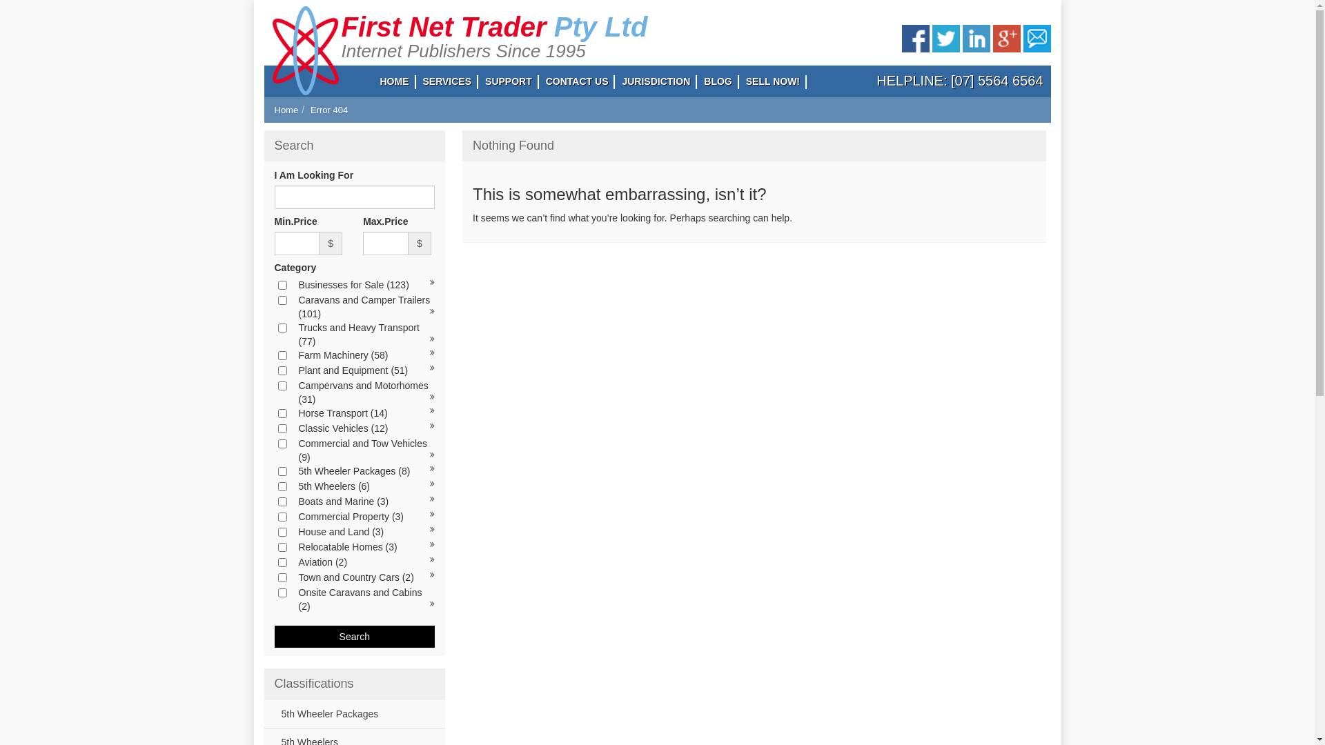 The image size is (1325, 745). I want to click on 'Home', so click(286, 109).